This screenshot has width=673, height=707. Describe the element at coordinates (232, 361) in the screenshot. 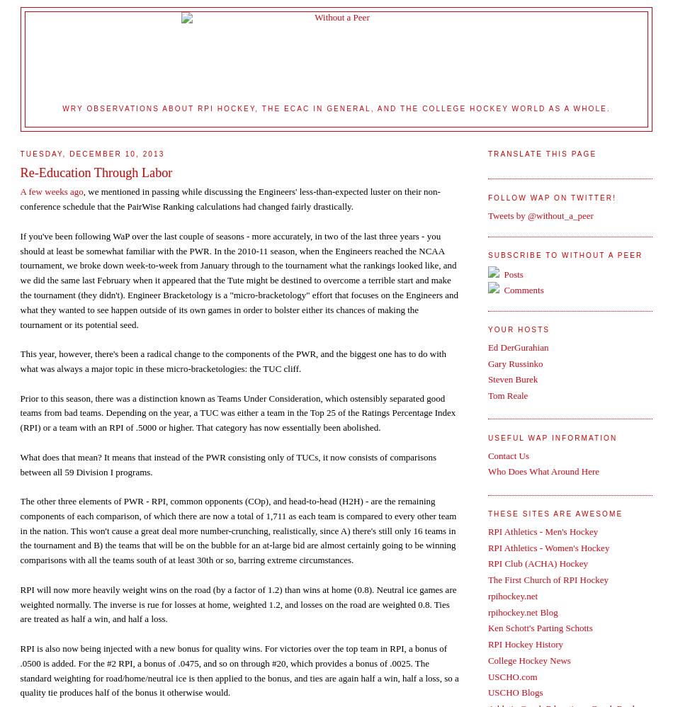

I see `'This year, however, there's been a radical change to the components of the PWR, and the biggest one has to do with what was always a major topic in these micro-bracketologies: the TUC cliff.'` at that location.